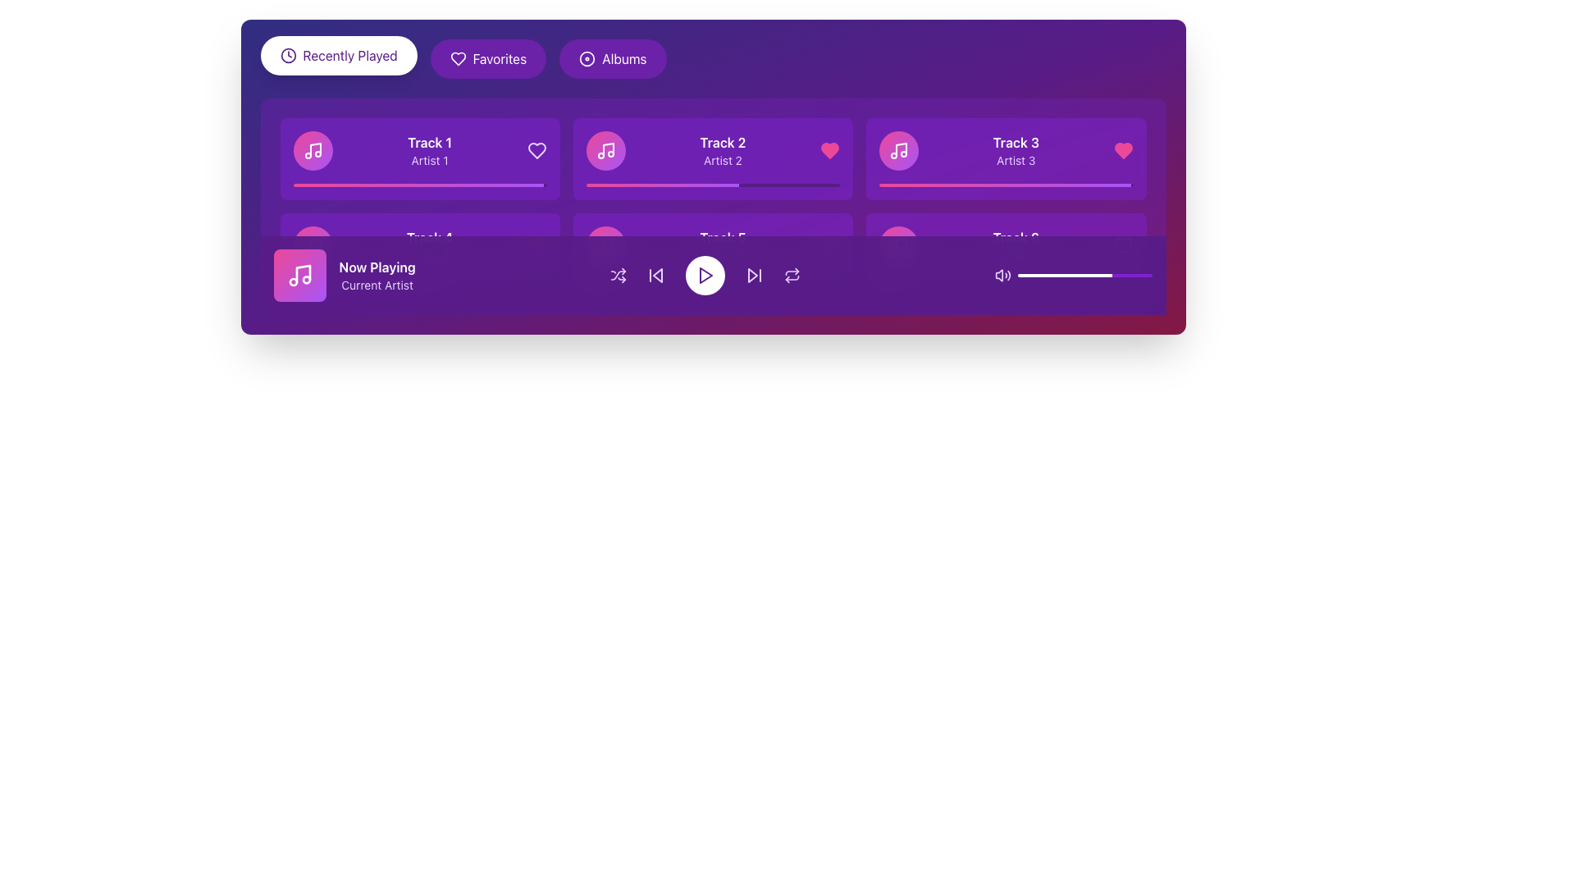 The width and height of the screenshot is (1575, 886). I want to click on the text label displaying 'Artist 1', which is positioned below 'Track 1' within a card-style layout, so click(430, 161).